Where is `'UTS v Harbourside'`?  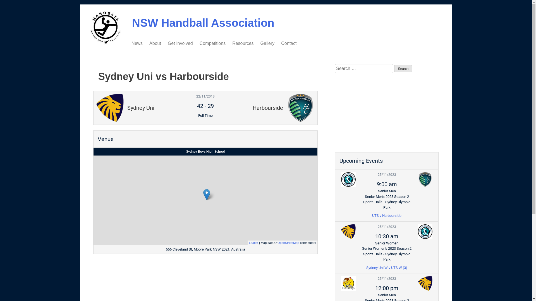 'UTS v Harbourside' is located at coordinates (386, 215).